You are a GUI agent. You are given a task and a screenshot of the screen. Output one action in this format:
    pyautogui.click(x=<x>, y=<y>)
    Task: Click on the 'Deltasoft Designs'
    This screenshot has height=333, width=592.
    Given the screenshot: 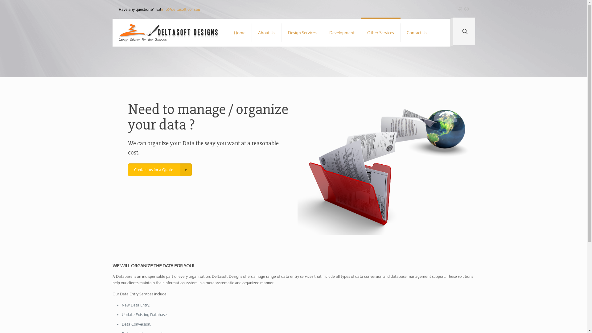 What is the action you would take?
    pyautogui.click(x=168, y=32)
    